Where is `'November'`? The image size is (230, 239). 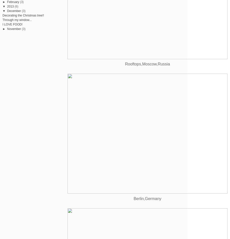
'November' is located at coordinates (7, 29).